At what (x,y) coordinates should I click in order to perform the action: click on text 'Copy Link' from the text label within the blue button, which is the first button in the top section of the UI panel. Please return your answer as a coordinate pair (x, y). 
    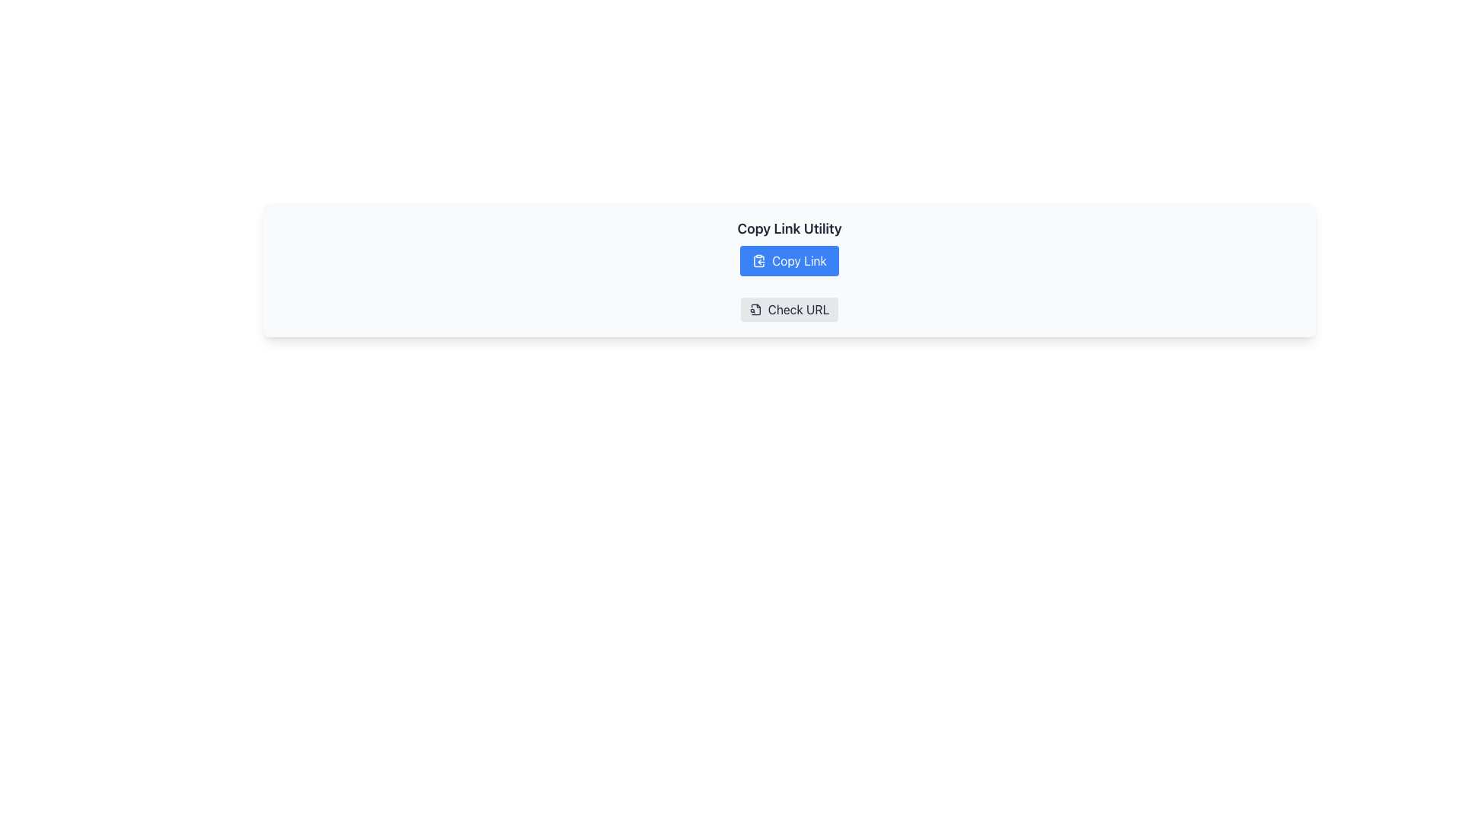
    Looking at the image, I should click on (799, 260).